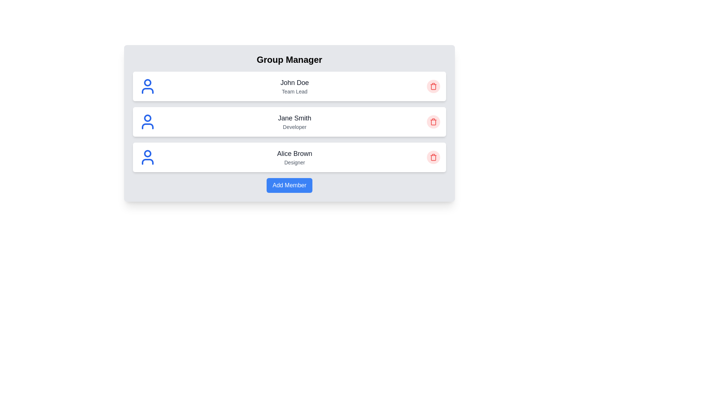 The width and height of the screenshot is (709, 399). Describe the element at coordinates (147, 86) in the screenshot. I see `the user icon representing 'John Doe', which is a blue outline of a person silhouette` at that location.